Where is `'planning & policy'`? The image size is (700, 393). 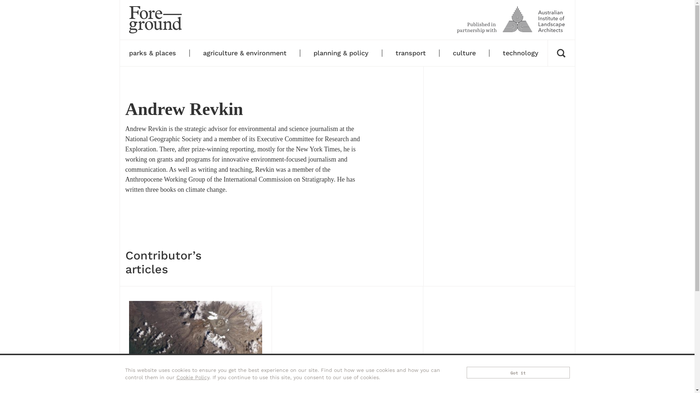 'planning & policy' is located at coordinates (341, 53).